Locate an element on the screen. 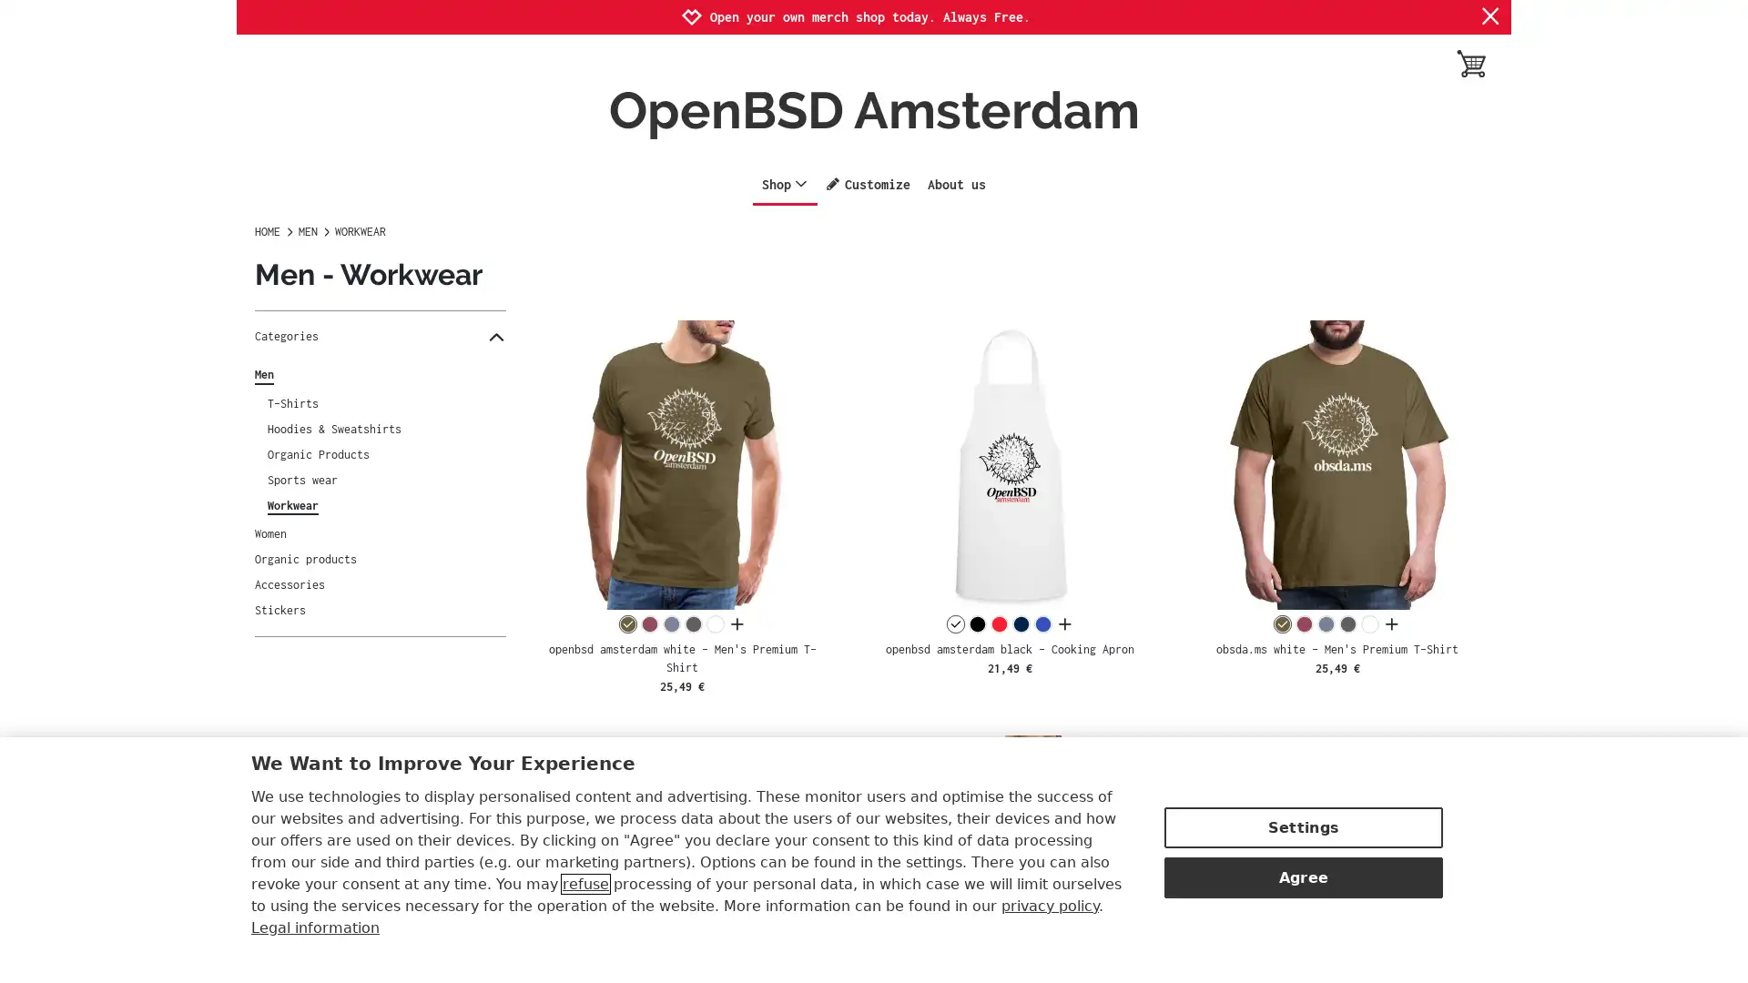 The image size is (1748, 983). white is located at coordinates (954, 623).